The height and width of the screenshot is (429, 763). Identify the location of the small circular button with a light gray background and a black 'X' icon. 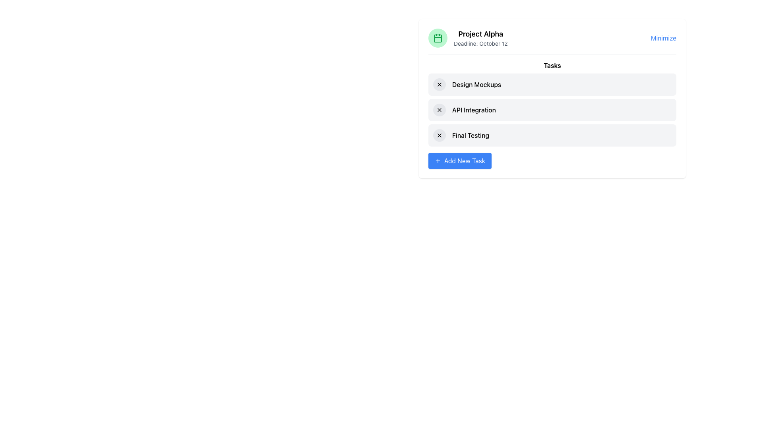
(439, 84).